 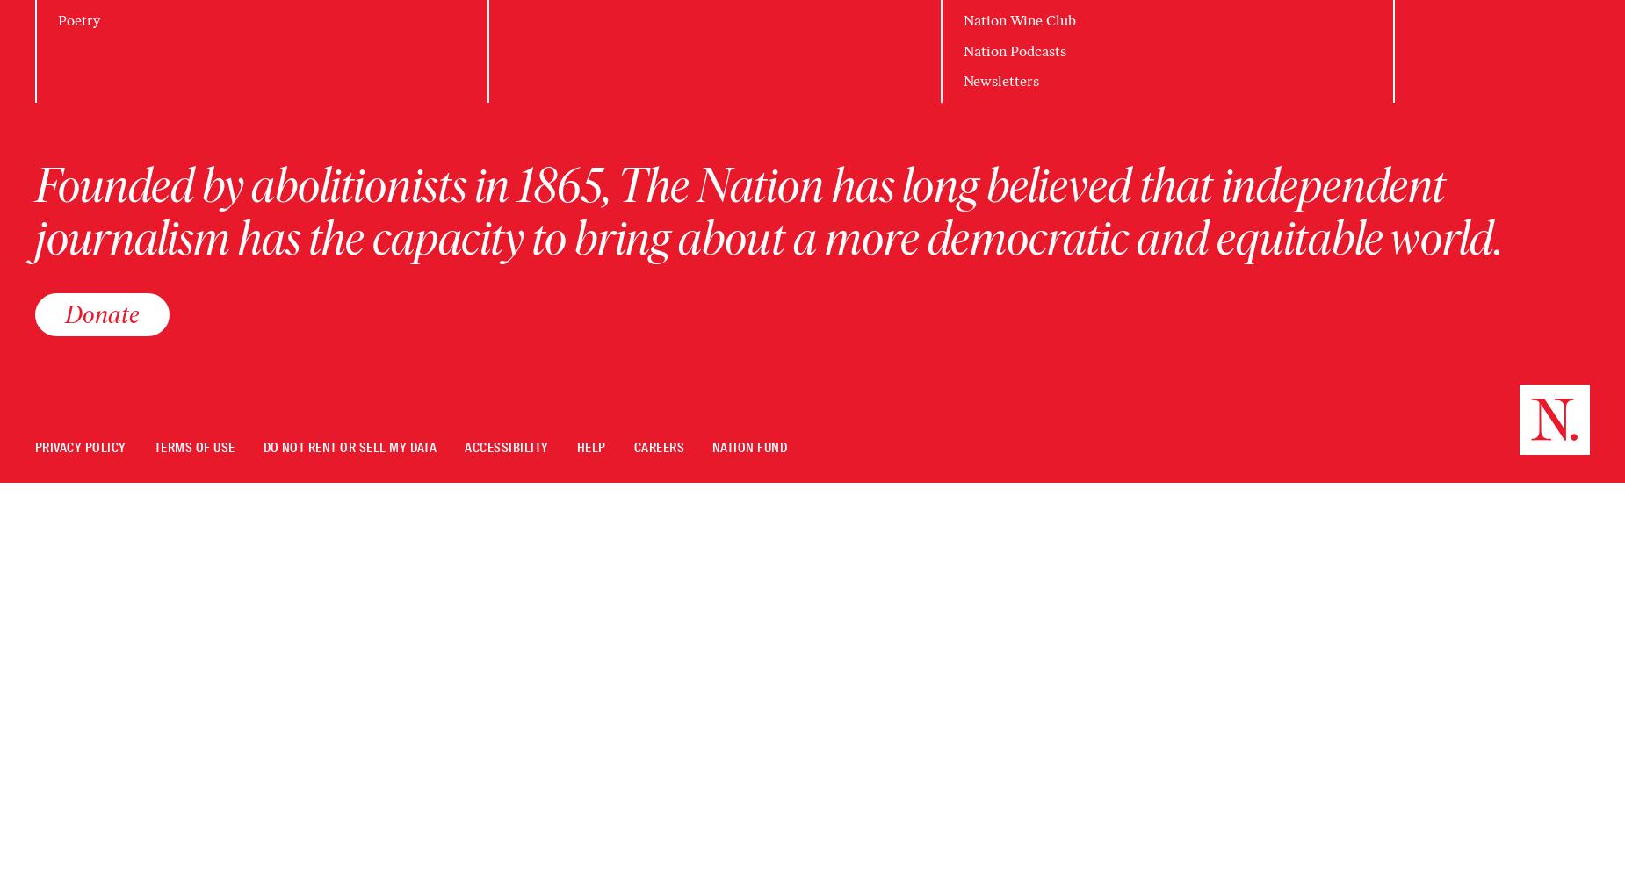 What do you see at coordinates (769, 210) in the screenshot?
I see `'Founded by abolitionists in 1865, The Nation has long believed that independent journalism has the capacity to bring about a more democratic and equitable world.'` at bounding box center [769, 210].